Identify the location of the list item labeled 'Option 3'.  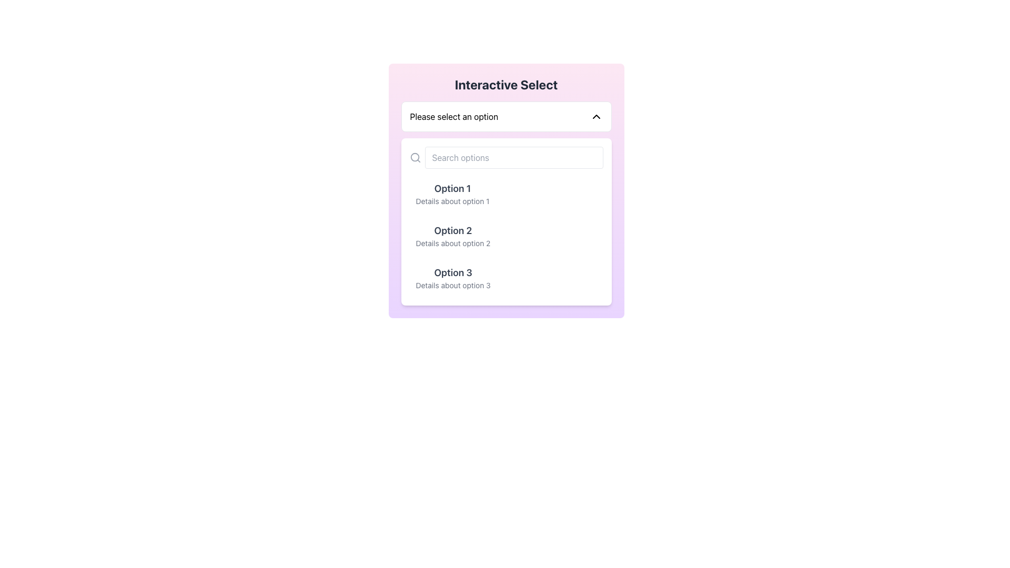
(506, 277).